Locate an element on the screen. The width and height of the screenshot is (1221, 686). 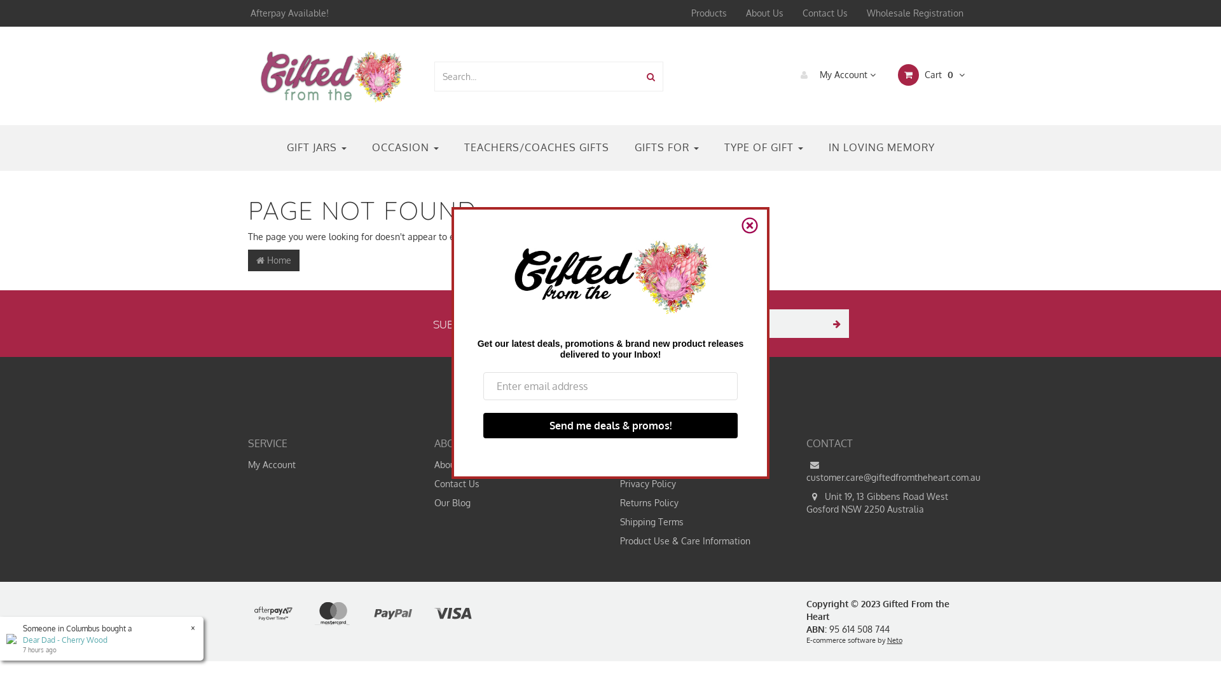
'Shipping Terms' is located at coordinates (610, 521).